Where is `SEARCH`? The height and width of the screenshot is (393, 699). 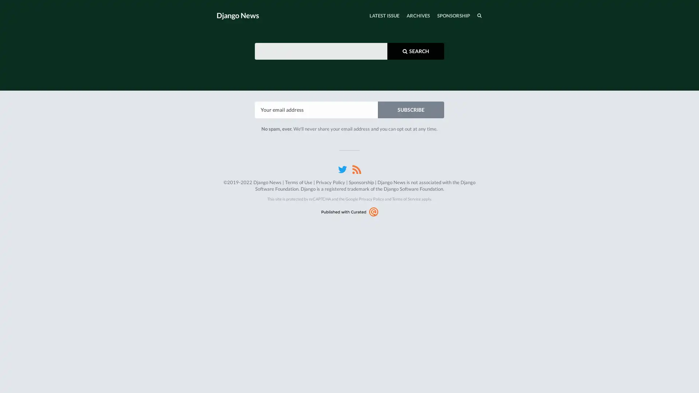 SEARCH is located at coordinates (416, 50).